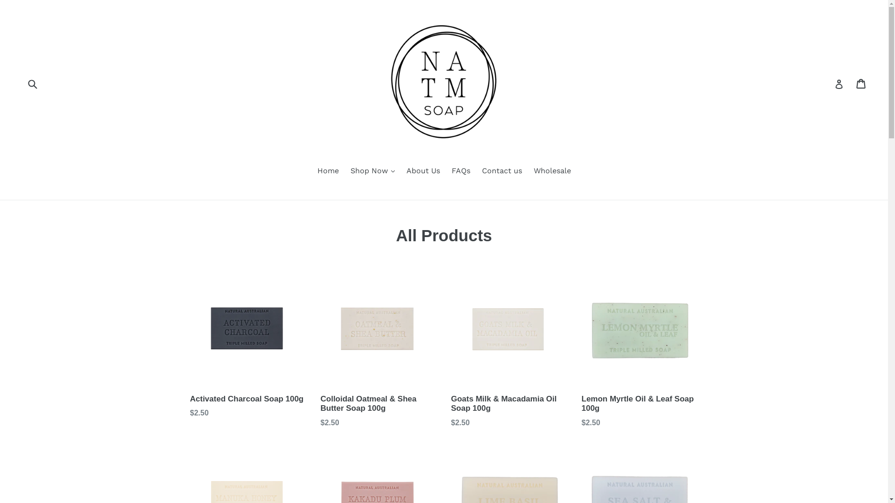  I want to click on 'Lemon Myrtle Oil & Leaf Soap 100g, so click(639, 350).